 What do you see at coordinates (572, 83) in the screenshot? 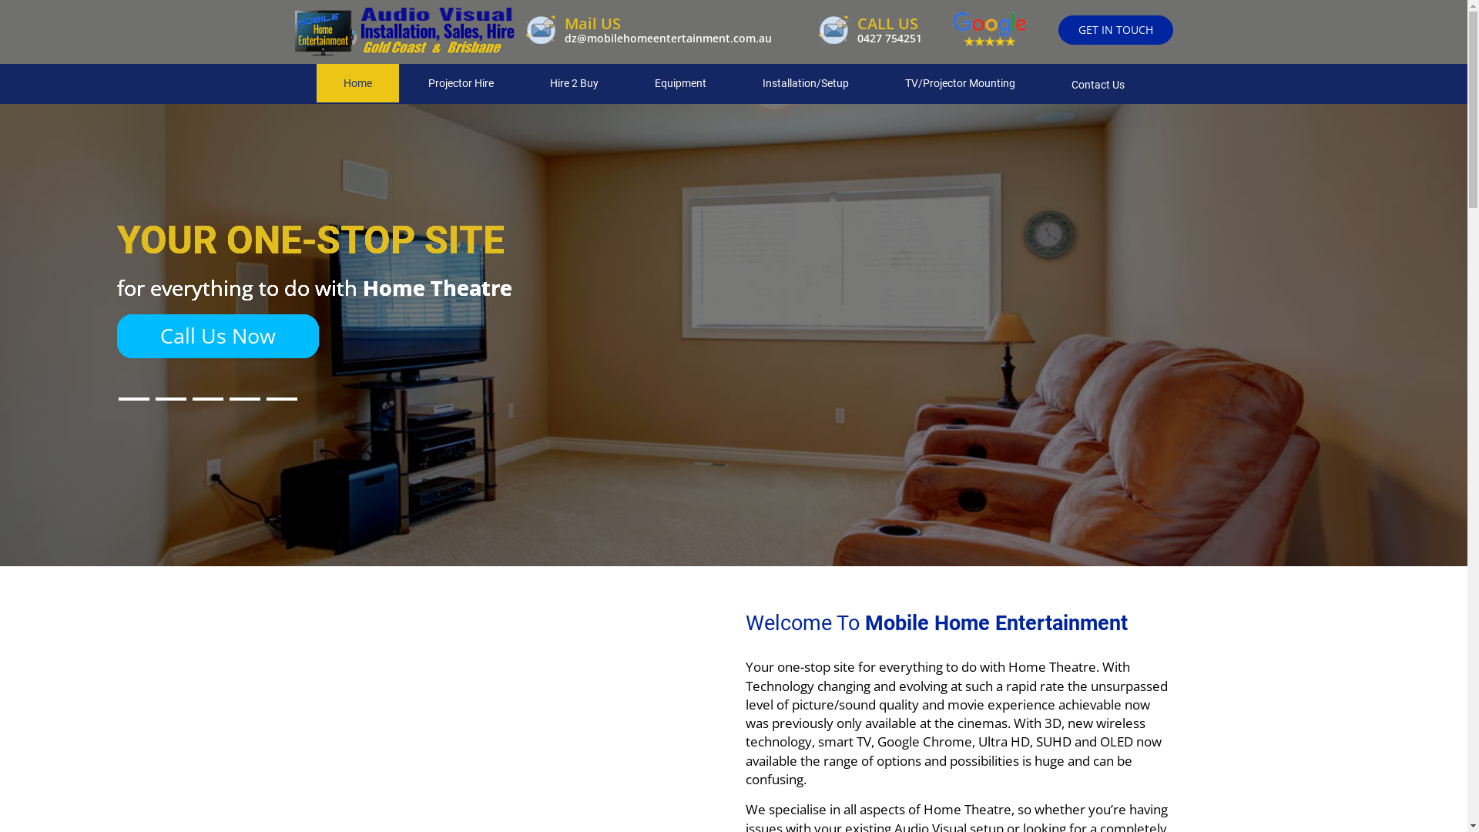
I see `'Hire 2 Buy'` at bounding box center [572, 83].